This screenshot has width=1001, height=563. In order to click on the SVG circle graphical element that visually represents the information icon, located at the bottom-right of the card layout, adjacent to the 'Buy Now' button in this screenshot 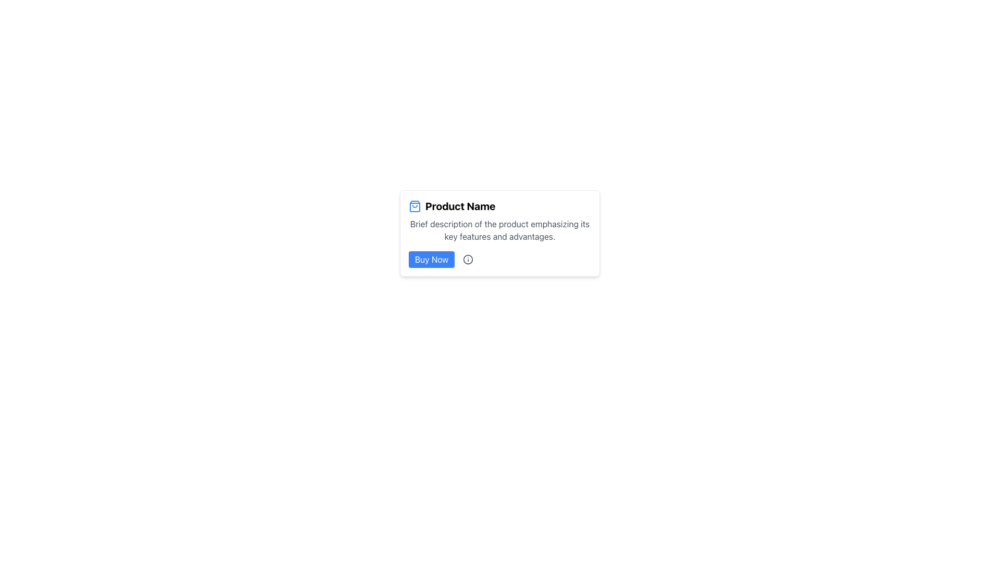, I will do `click(468, 259)`.